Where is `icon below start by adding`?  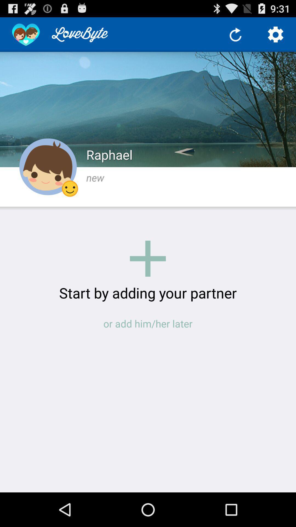
icon below start by adding is located at coordinates (148, 324).